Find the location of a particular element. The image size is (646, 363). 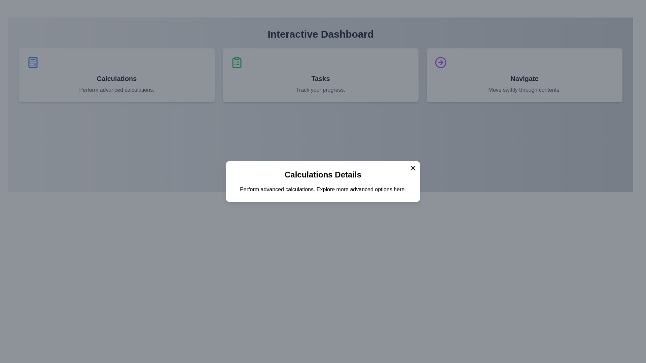

text label displaying 'Perform advanced calculations.' located below the title 'Calculations' within the first card on the left is located at coordinates (116, 89).